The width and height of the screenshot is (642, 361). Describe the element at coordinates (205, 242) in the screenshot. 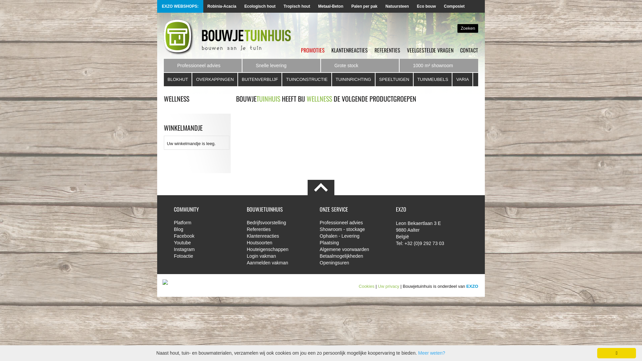

I see `'Youtube'` at that location.